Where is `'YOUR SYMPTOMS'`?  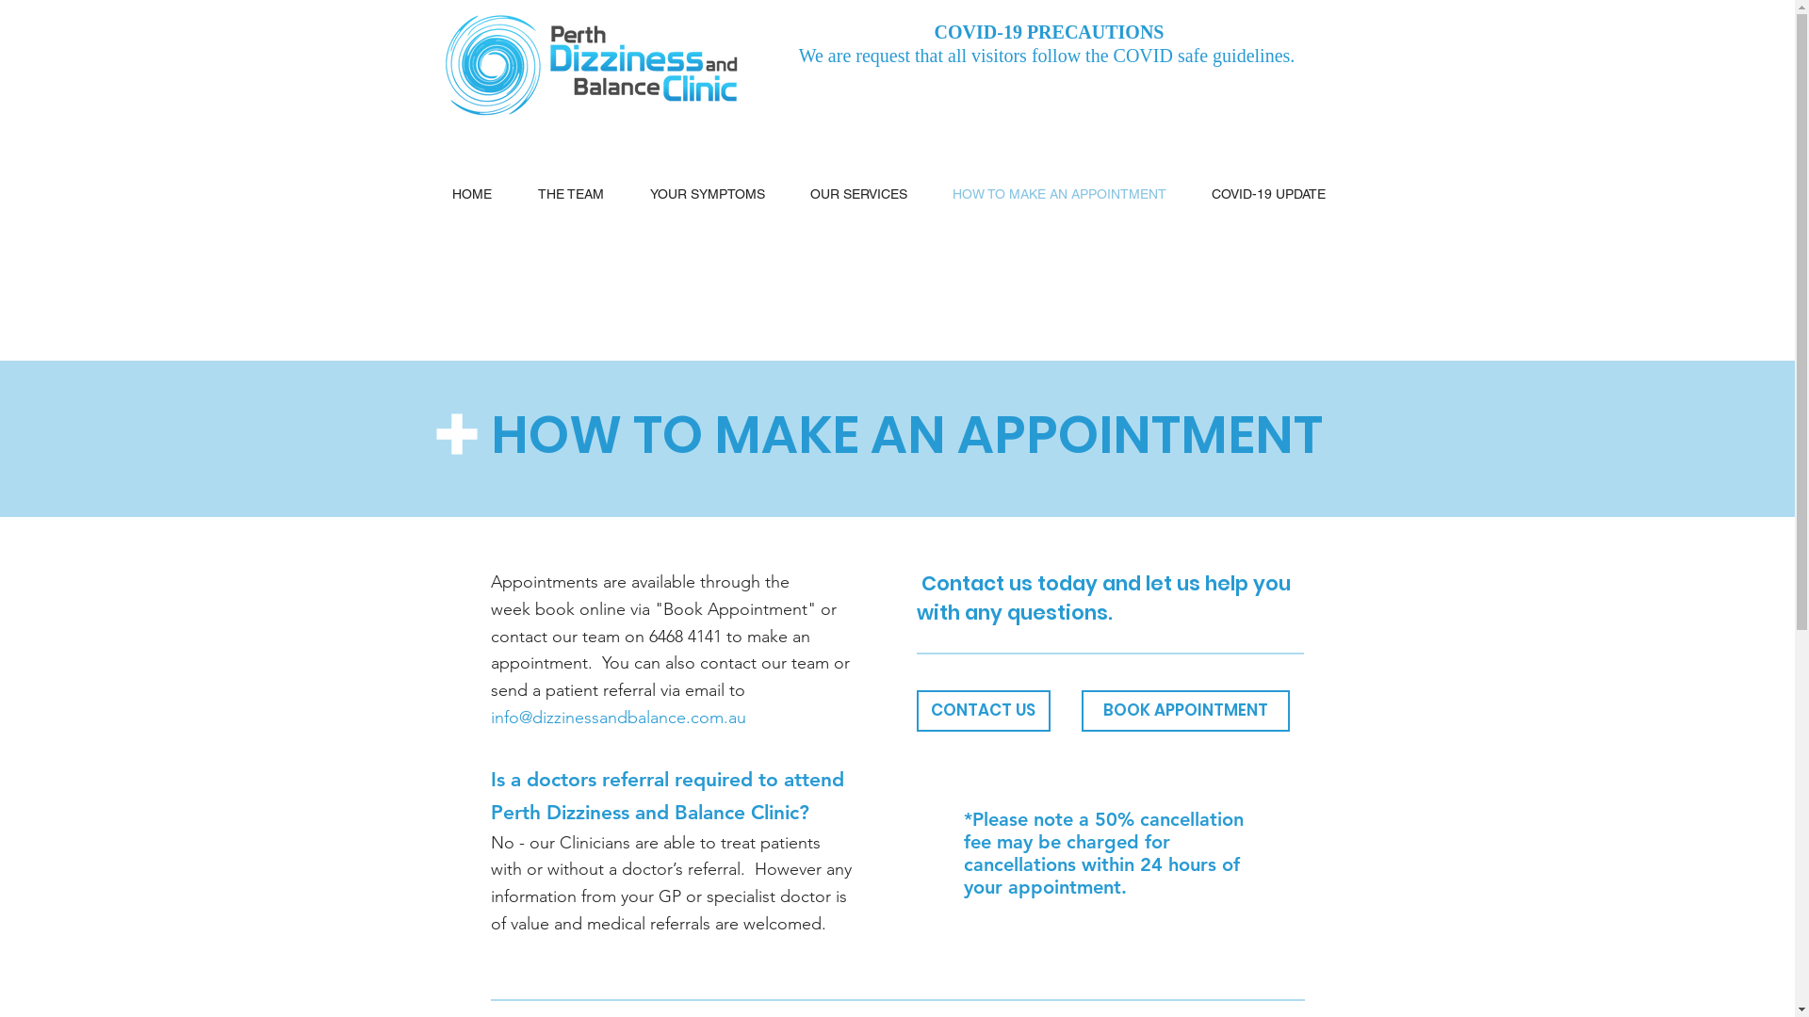 'YOUR SYMPTOMS' is located at coordinates (634, 193).